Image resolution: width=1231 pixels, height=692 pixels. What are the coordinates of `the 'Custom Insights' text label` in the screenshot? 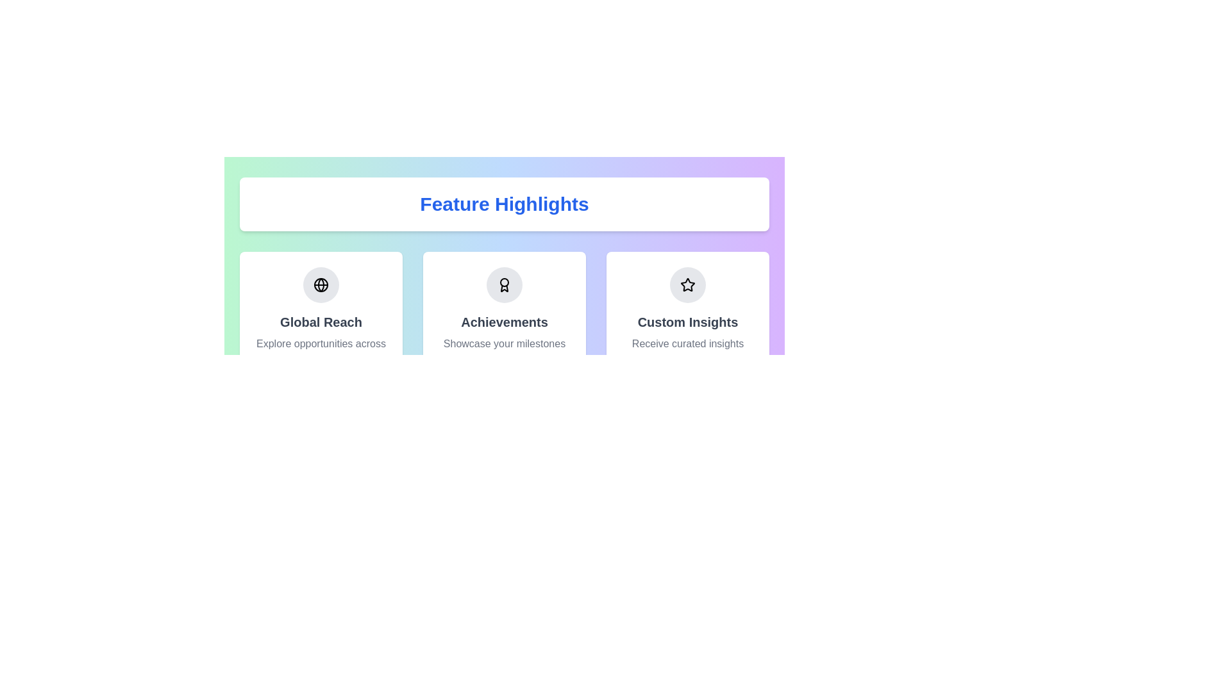 It's located at (687, 321).